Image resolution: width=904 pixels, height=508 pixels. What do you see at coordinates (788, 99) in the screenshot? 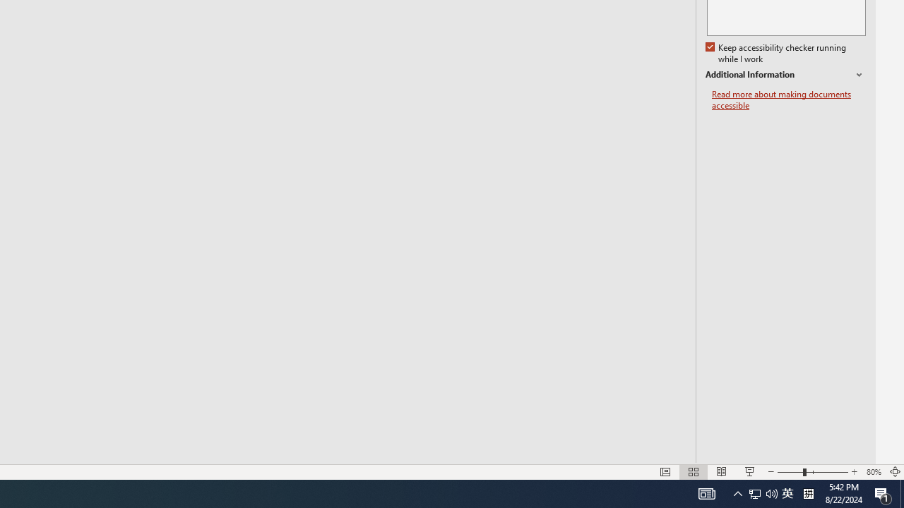
I see `'Read more about making documents accessible'` at bounding box center [788, 99].